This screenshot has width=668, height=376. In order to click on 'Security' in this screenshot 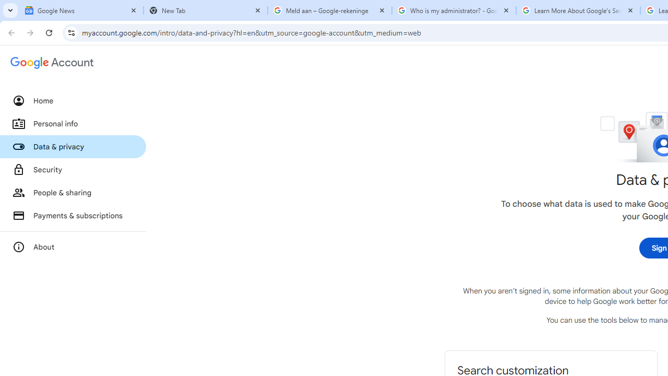, I will do `click(73, 169)`.